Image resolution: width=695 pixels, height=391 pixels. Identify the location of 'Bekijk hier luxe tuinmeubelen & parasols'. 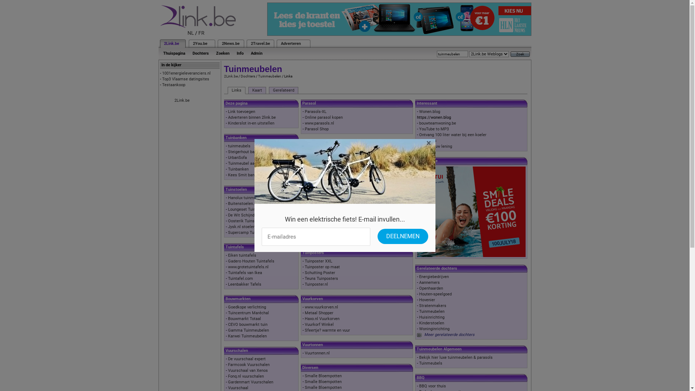
(419, 357).